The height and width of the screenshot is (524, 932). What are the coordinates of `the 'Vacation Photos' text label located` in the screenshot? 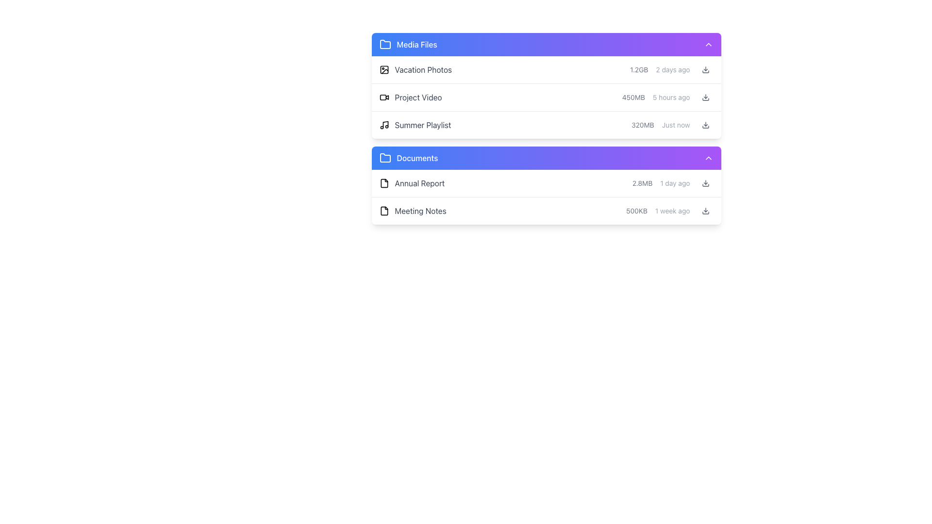 It's located at (423, 69).